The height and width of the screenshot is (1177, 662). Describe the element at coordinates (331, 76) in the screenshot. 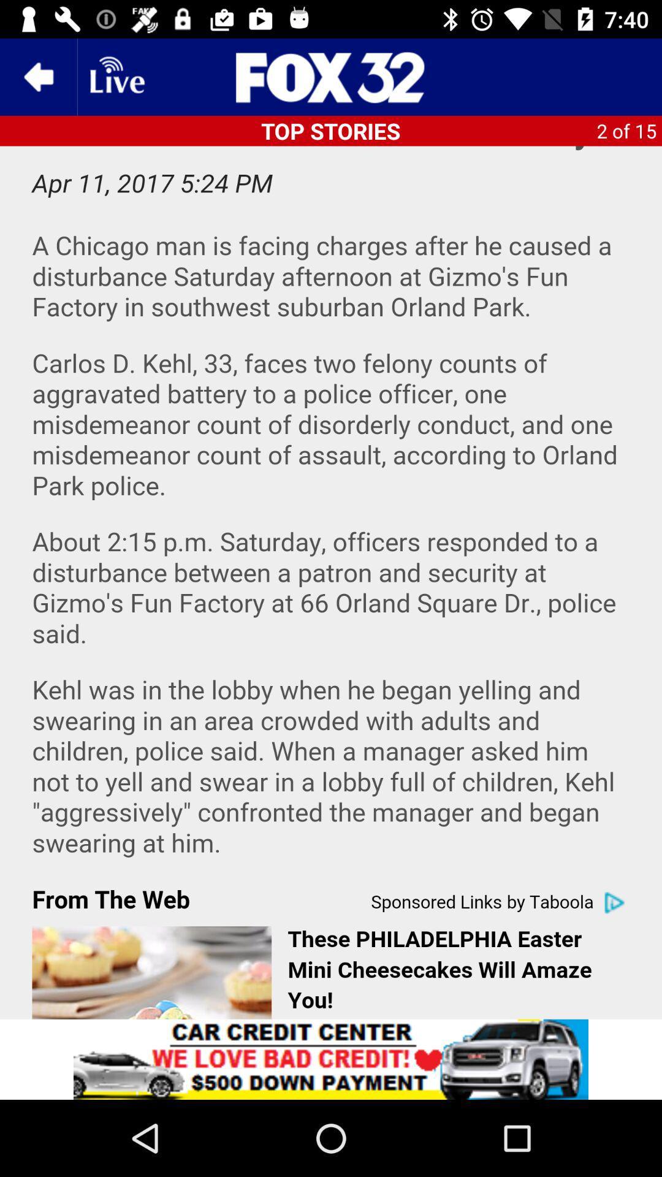

I see `other fox 32 stories` at that location.